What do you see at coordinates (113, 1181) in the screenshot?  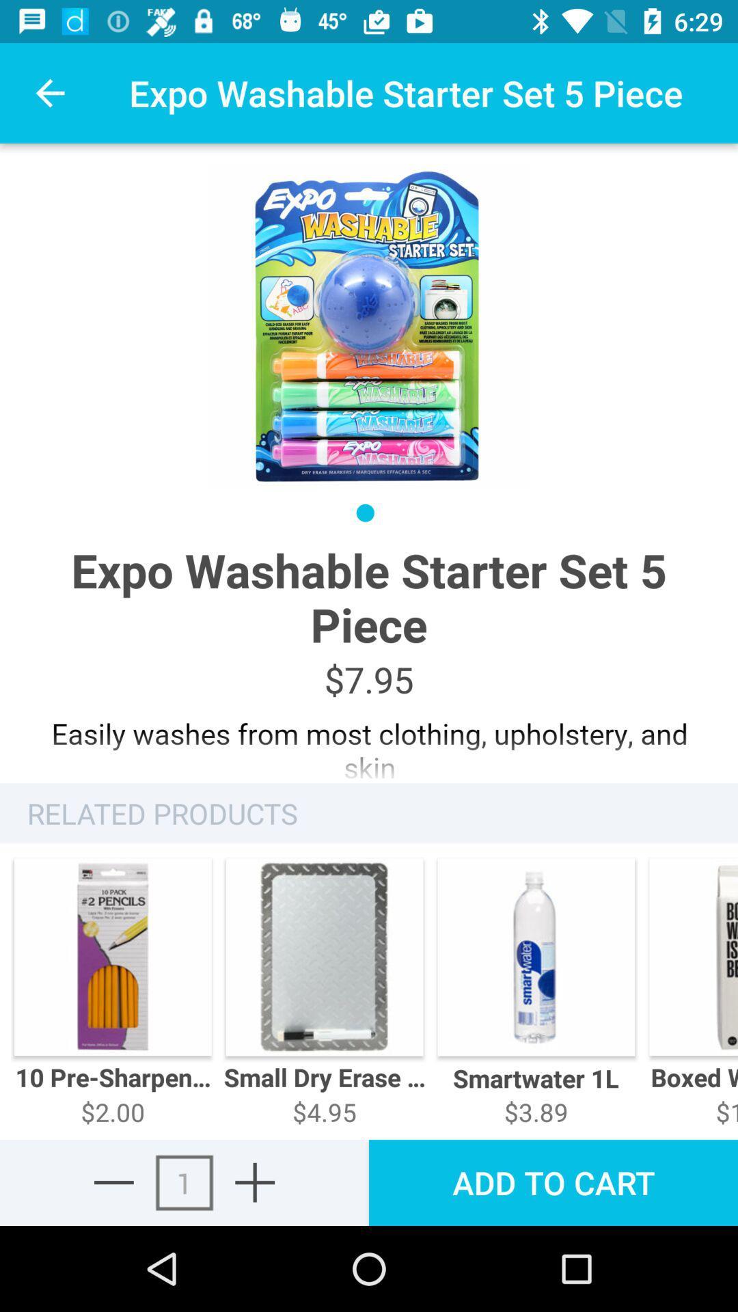 I see `reduce number in cart` at bounding box center [113, 1181].